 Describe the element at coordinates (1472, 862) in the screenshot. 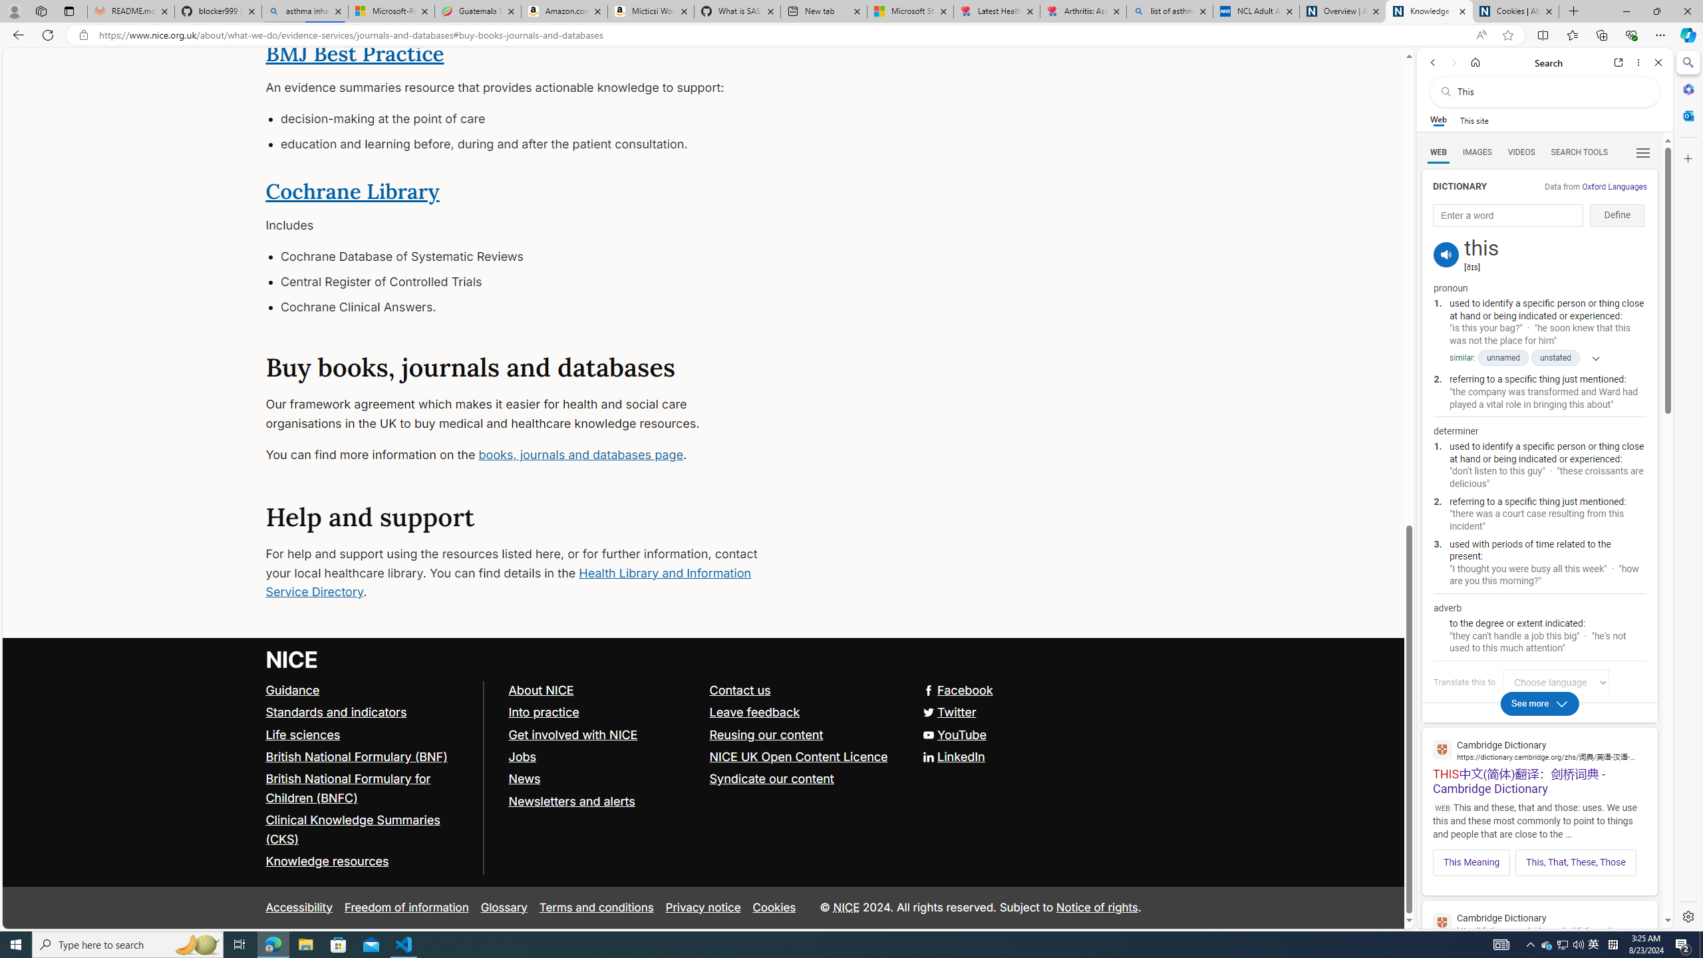

I see `'This Meaning'` at that location.